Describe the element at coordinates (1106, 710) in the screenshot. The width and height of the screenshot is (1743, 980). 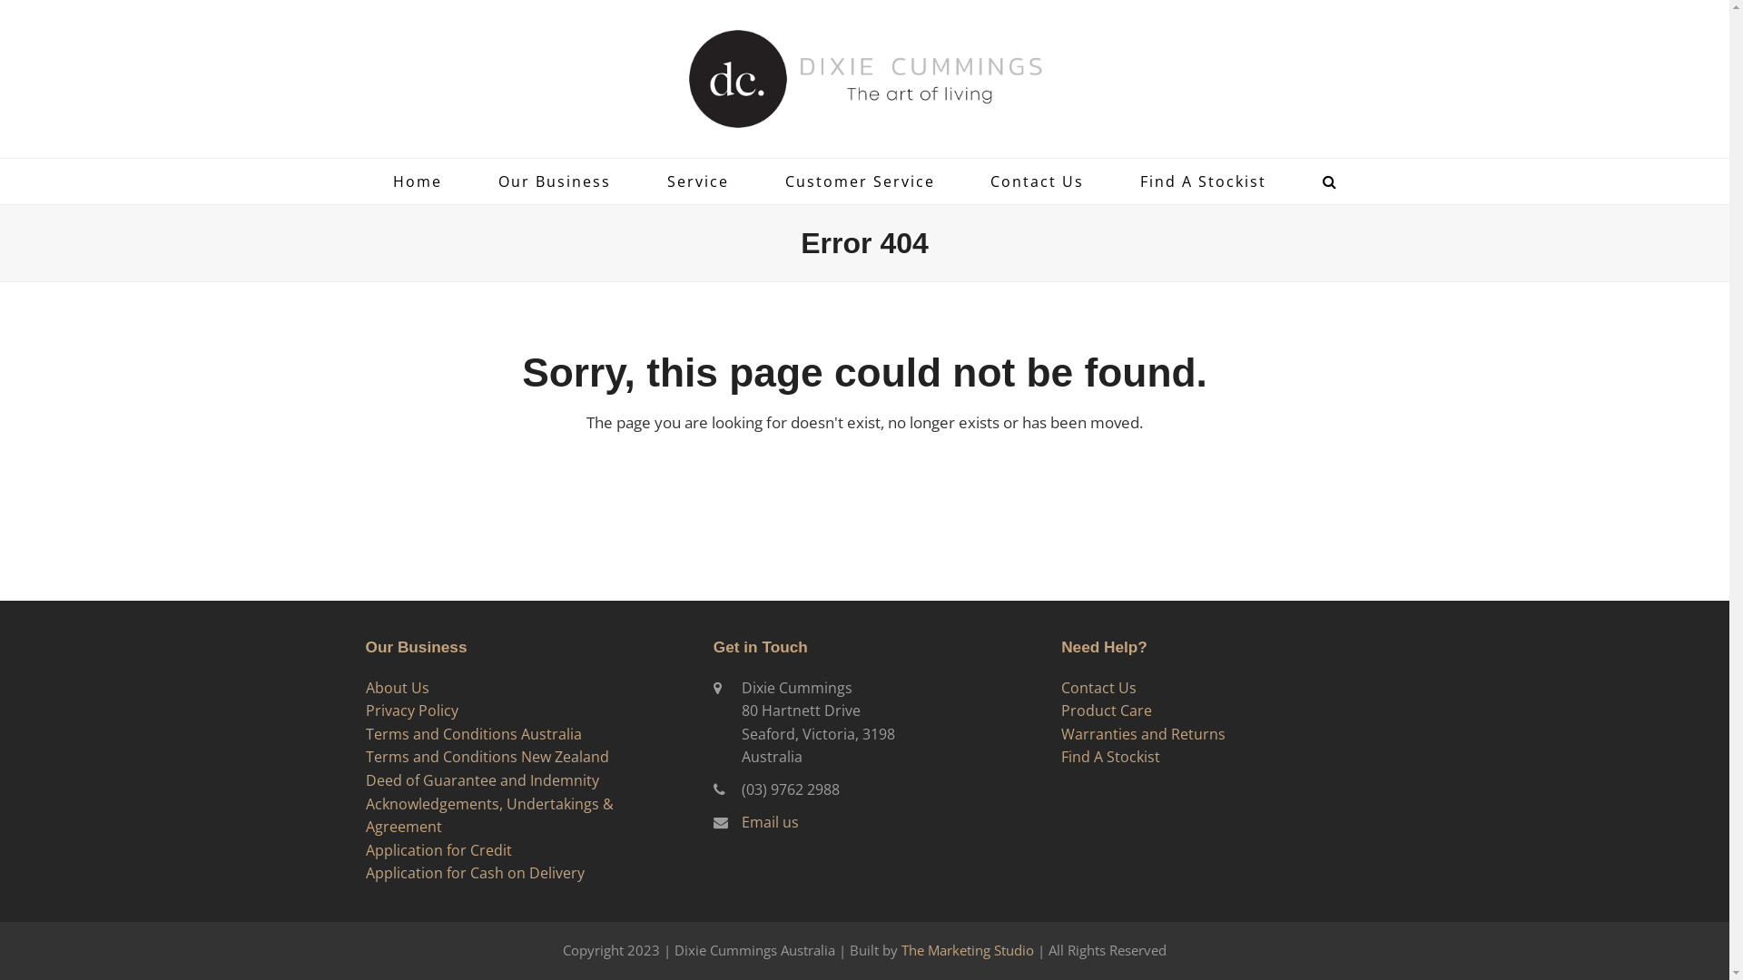
I see `'Product Care'` at that location.